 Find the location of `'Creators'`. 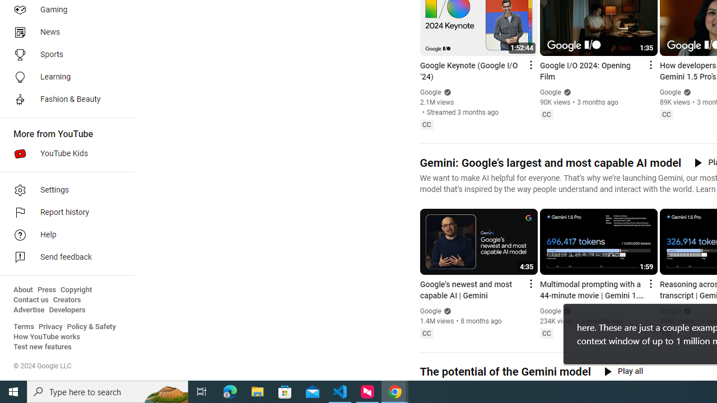

'Creators' is located at coordinates (66, 299).